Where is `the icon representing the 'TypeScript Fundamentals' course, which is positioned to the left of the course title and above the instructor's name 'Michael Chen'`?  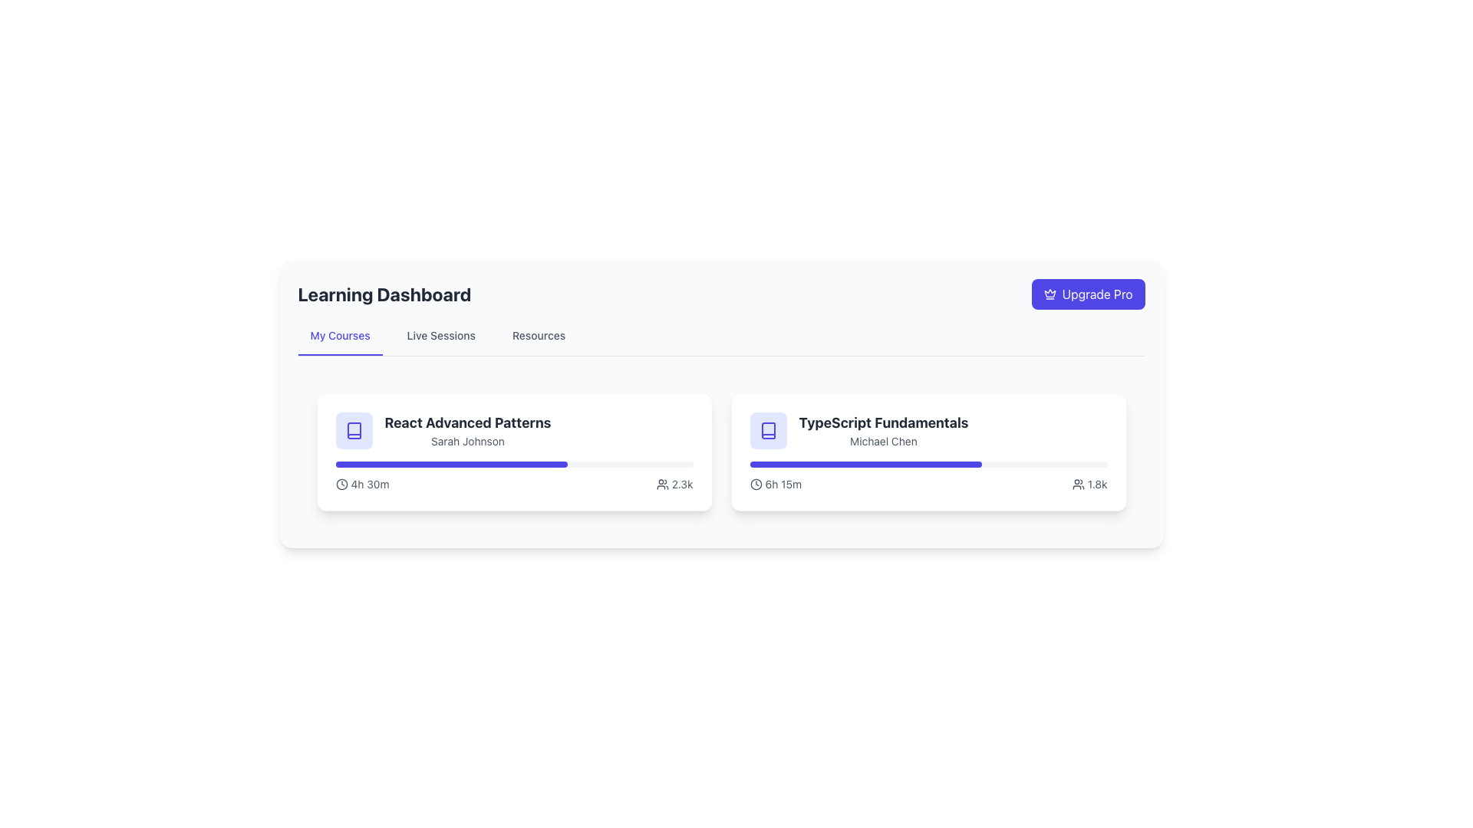
the icon representing the 'TypeScript Fundamentals' course, which is positioned to the left of the course title and above the instructor's name 'Michael Chen' is located at coordinates (768, 431).